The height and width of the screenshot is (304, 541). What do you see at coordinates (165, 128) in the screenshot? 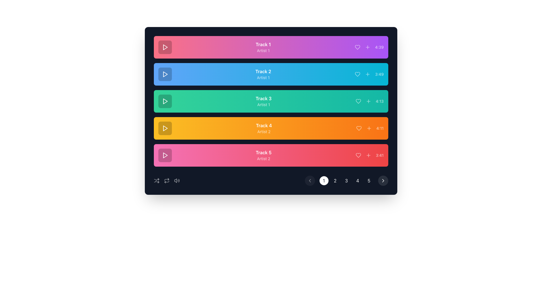
I see `the triangular play icon button located to the left of the 'Track 4' and 'Artist 2' text labels to play the track` at bounding box center [165, 128].